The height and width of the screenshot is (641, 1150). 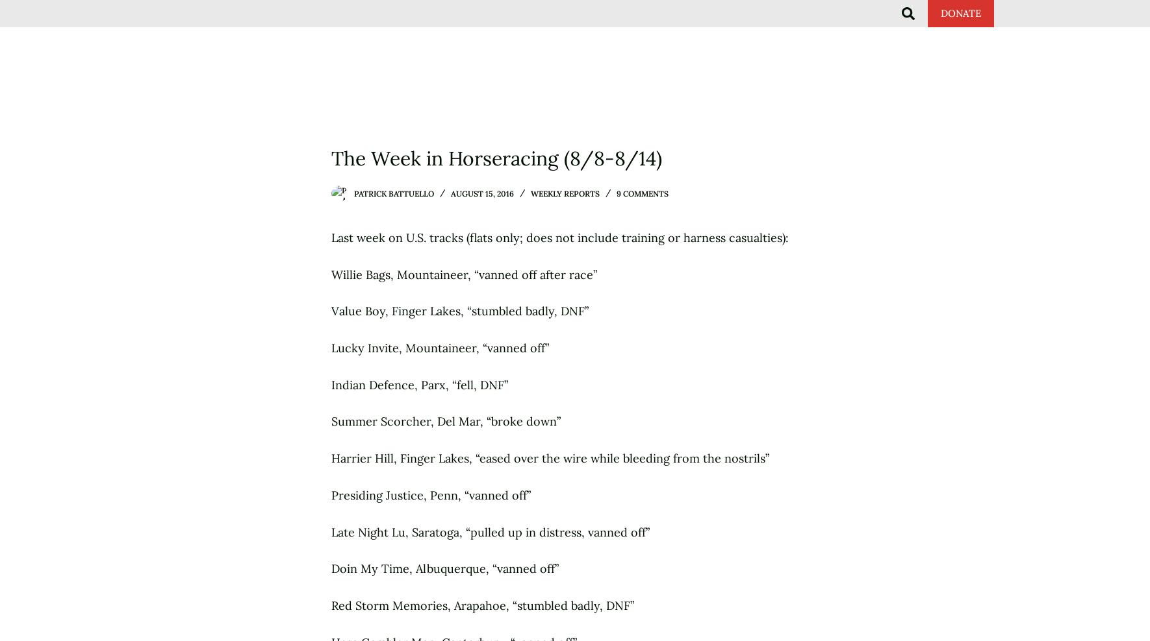 I want to click on 'The Wrongs', so click(x=454, y=77).